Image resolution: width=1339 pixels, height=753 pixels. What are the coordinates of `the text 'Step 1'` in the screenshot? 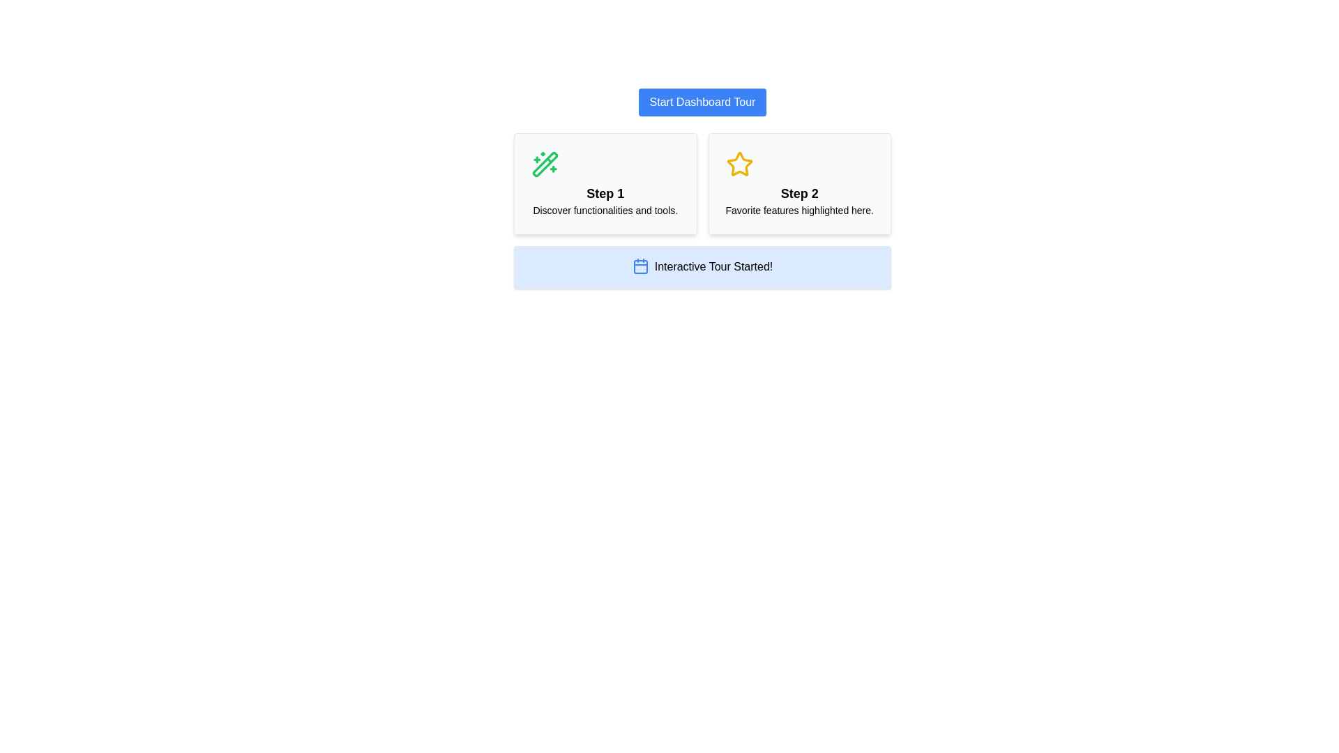 It's located at (605, 193).